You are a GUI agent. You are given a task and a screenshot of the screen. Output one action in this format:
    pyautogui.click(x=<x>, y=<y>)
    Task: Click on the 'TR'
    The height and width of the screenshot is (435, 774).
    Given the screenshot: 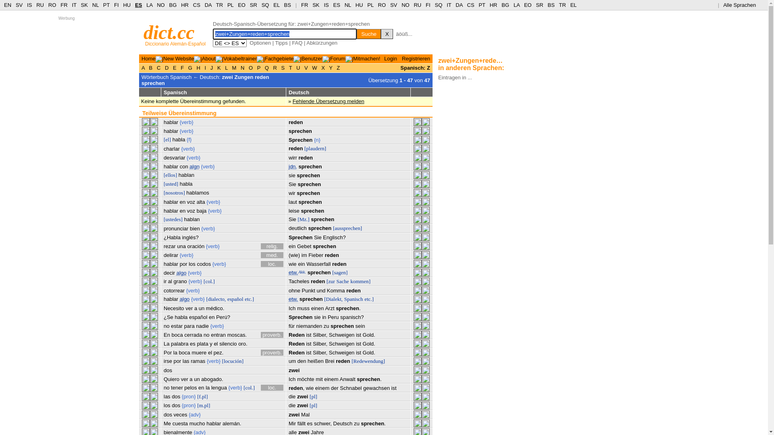 What is the action you would take?
    pyautogui.click(x=562, y=5)
    